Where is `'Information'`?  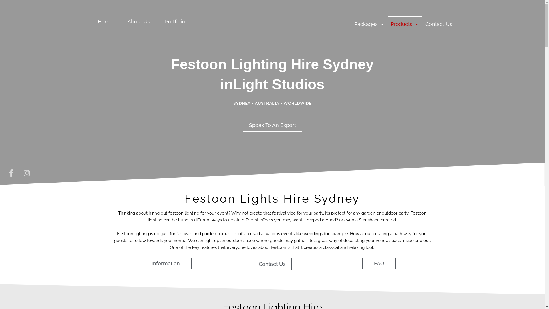
'Information' is located at coordinates (140, 264).